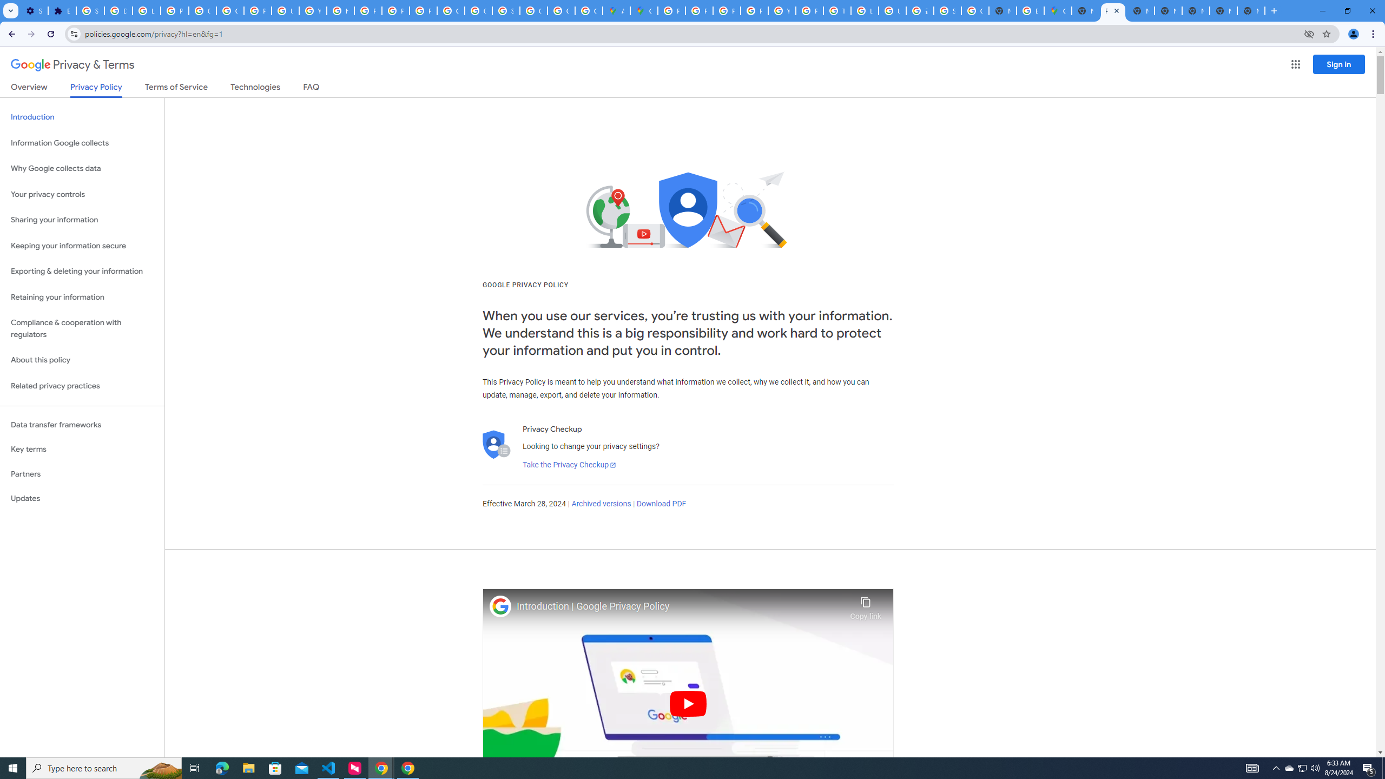 The image size is (1385, 779). What do you see at coordinates (688, 703) in the screenshot?
I see `'Play'` at bounding box center [688, 703].